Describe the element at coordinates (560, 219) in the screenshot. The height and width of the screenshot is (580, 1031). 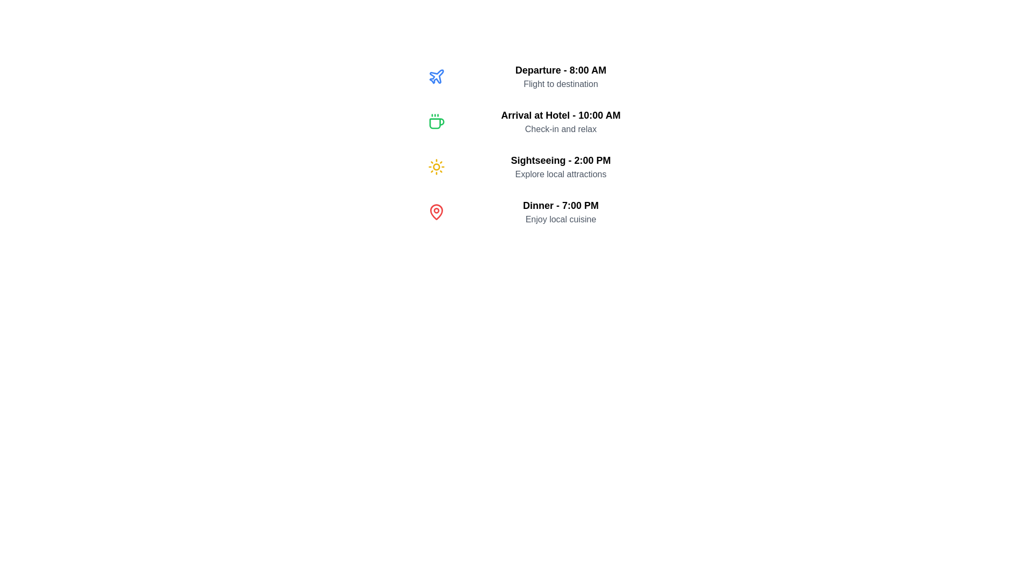
I see `the Text Label displaying 'Enjoy local cuisine.' which is styled in gray and located below the bold text 'Dinner - 7:00 PM.'` at that location.